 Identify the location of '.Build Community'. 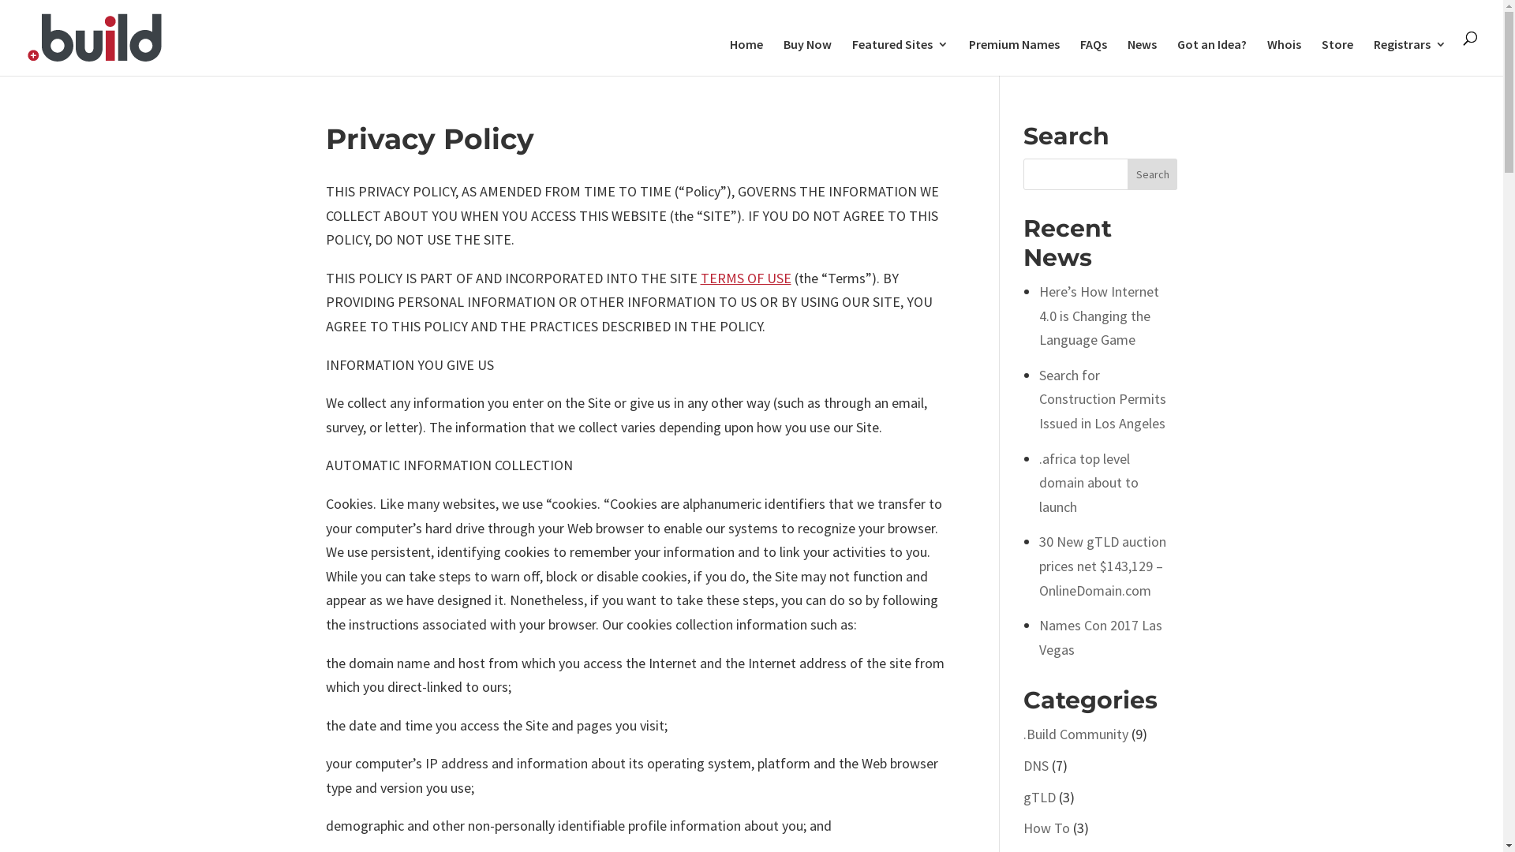
(1075, 734).